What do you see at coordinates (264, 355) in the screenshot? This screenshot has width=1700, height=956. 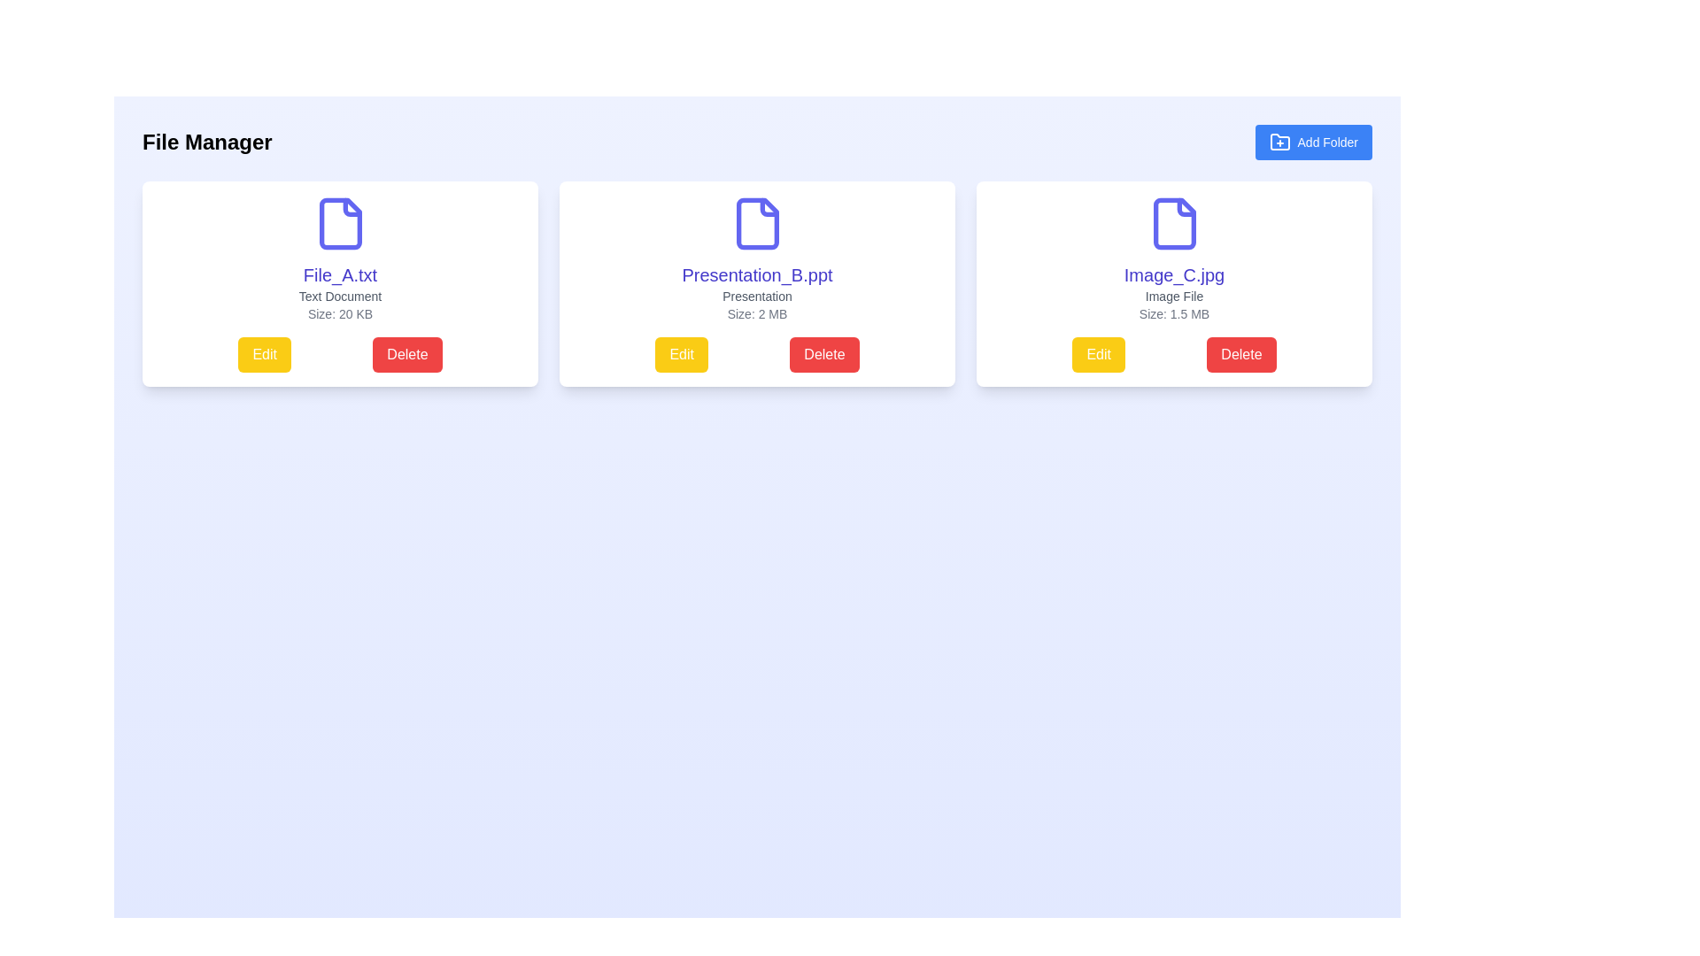 I see `the yellow 'Edit' button with rounded corners located in the lower-left section of the 'File_A.txt' card` at bounding box center [264, 355].